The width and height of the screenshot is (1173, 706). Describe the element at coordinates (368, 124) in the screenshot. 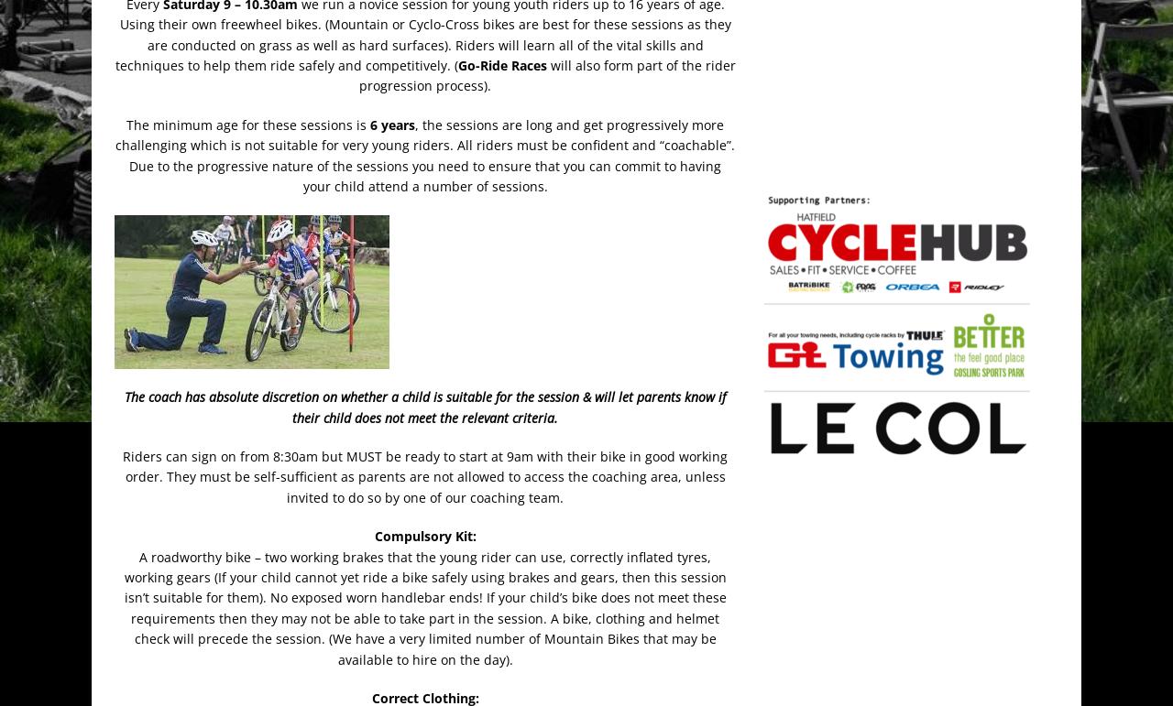

I see `'6 years'` at that location.